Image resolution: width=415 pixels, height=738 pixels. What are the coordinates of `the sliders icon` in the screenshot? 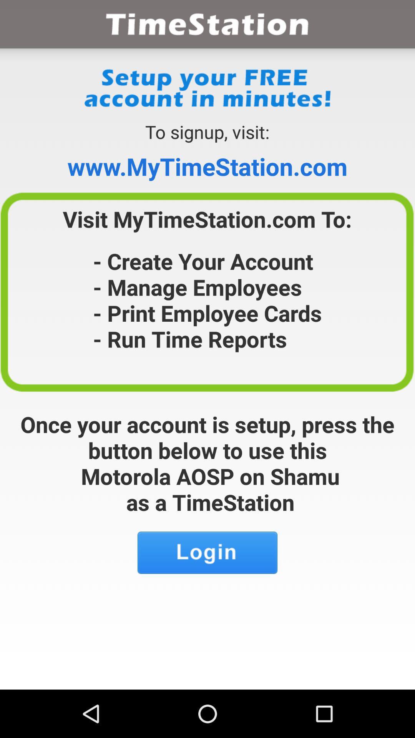 It's located at (207, 591).